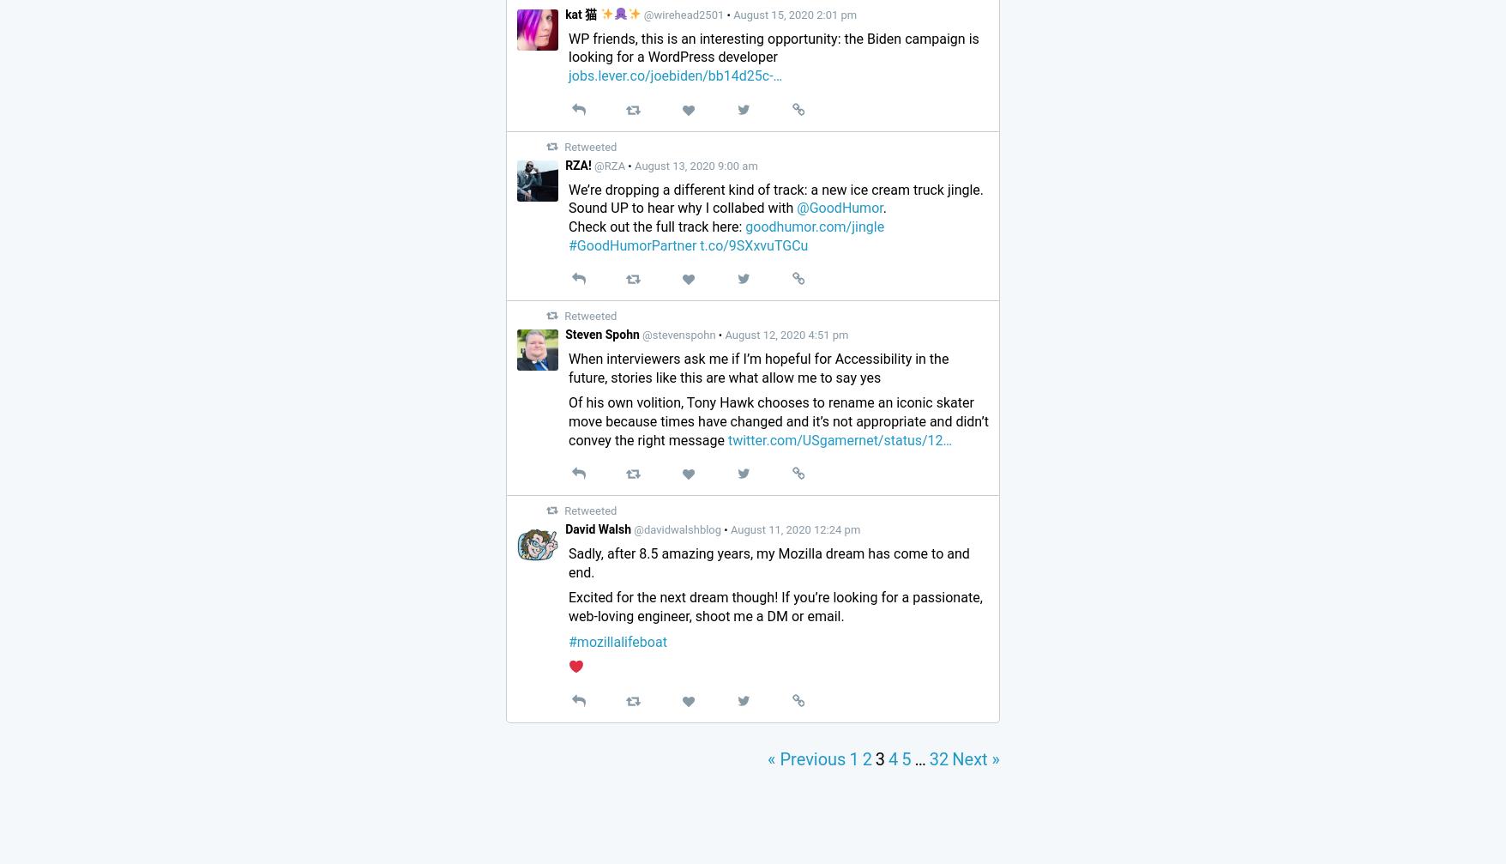  Describe the element at coordinates (678, 334) in the screenshot. I see `'@stevenspohn'` at that location.